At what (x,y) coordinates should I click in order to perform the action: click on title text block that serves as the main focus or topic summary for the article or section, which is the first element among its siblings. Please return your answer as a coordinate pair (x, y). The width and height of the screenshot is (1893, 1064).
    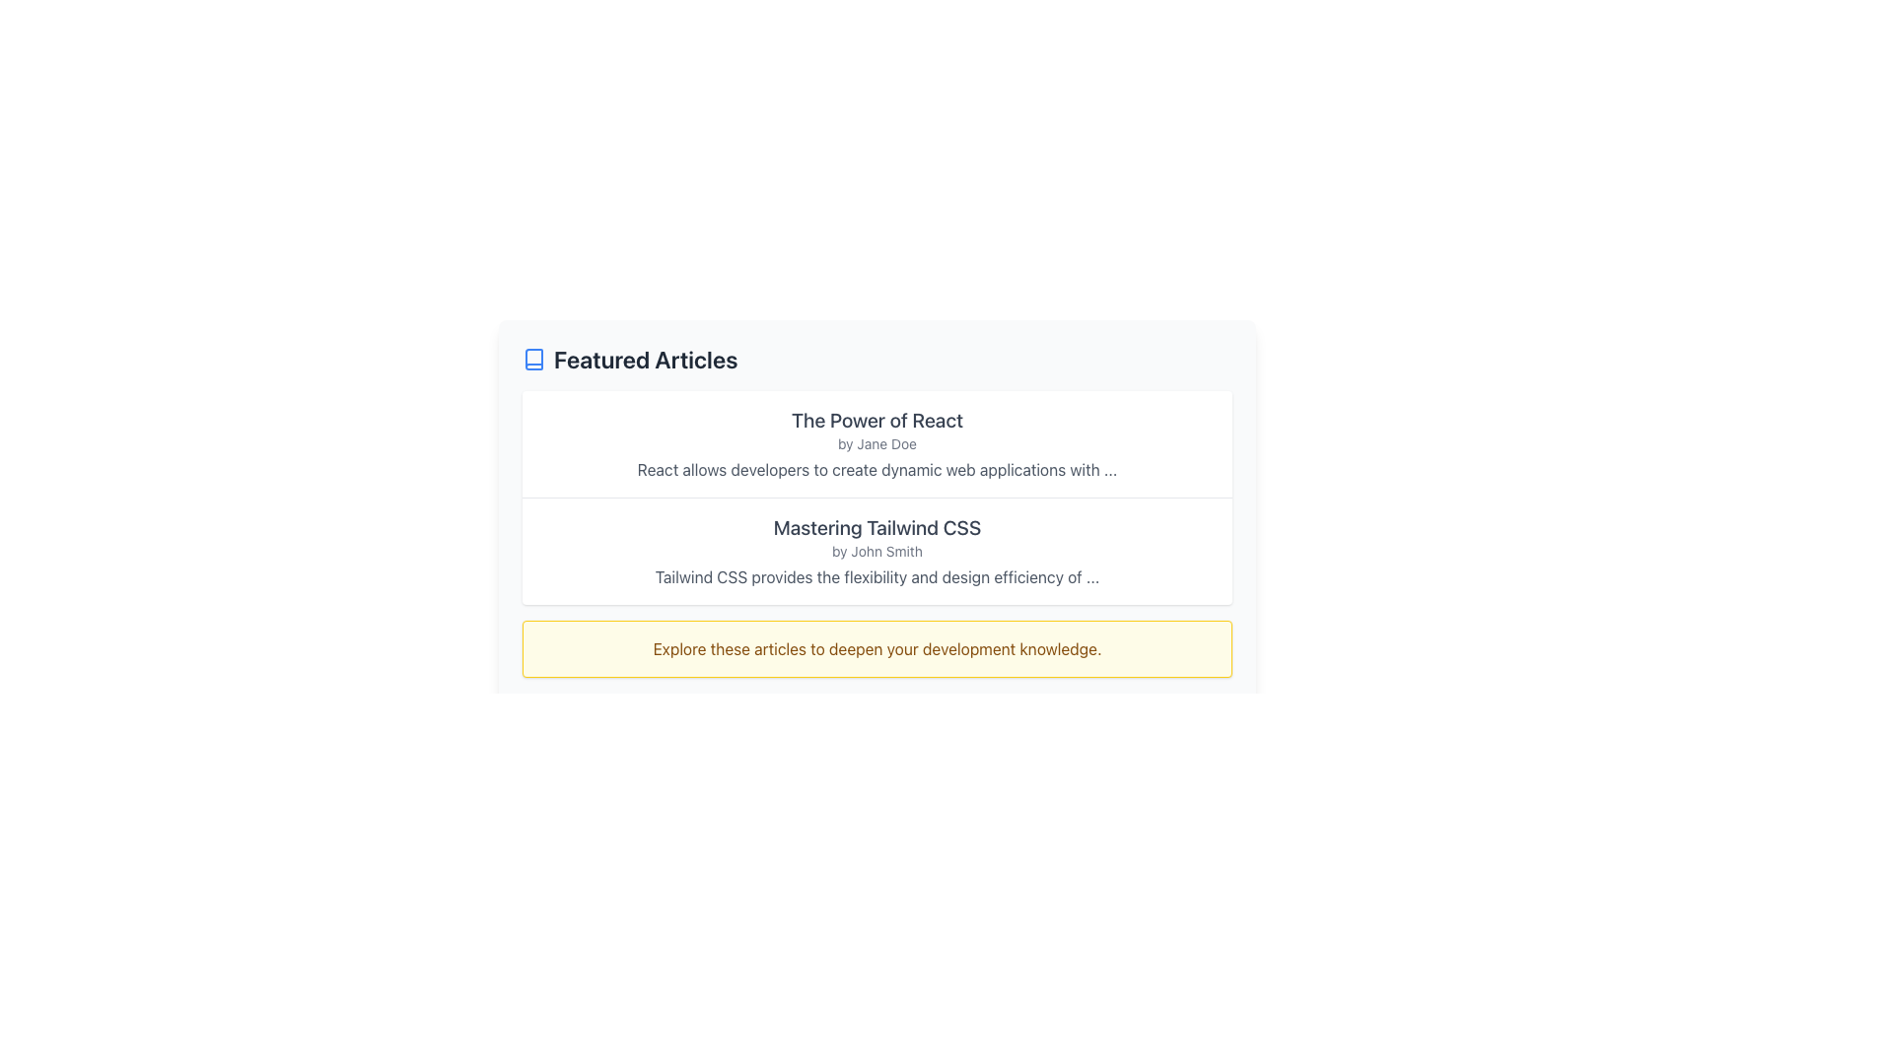
    Looking at the image, I should click on (876, 420).